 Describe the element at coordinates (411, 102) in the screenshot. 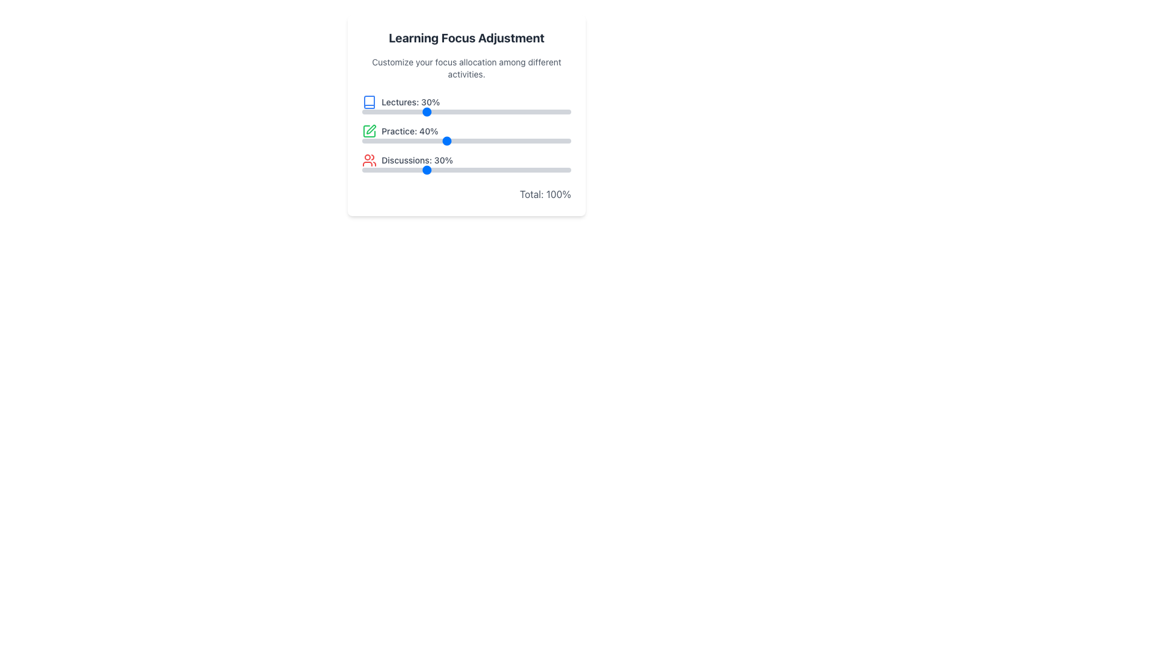

I see `text content of the Text Label displaying 'Lectures: 30%' which is located within the focus adjustment interface, positioned first in a column of similar elements with a blue book icon to its left` at that location.